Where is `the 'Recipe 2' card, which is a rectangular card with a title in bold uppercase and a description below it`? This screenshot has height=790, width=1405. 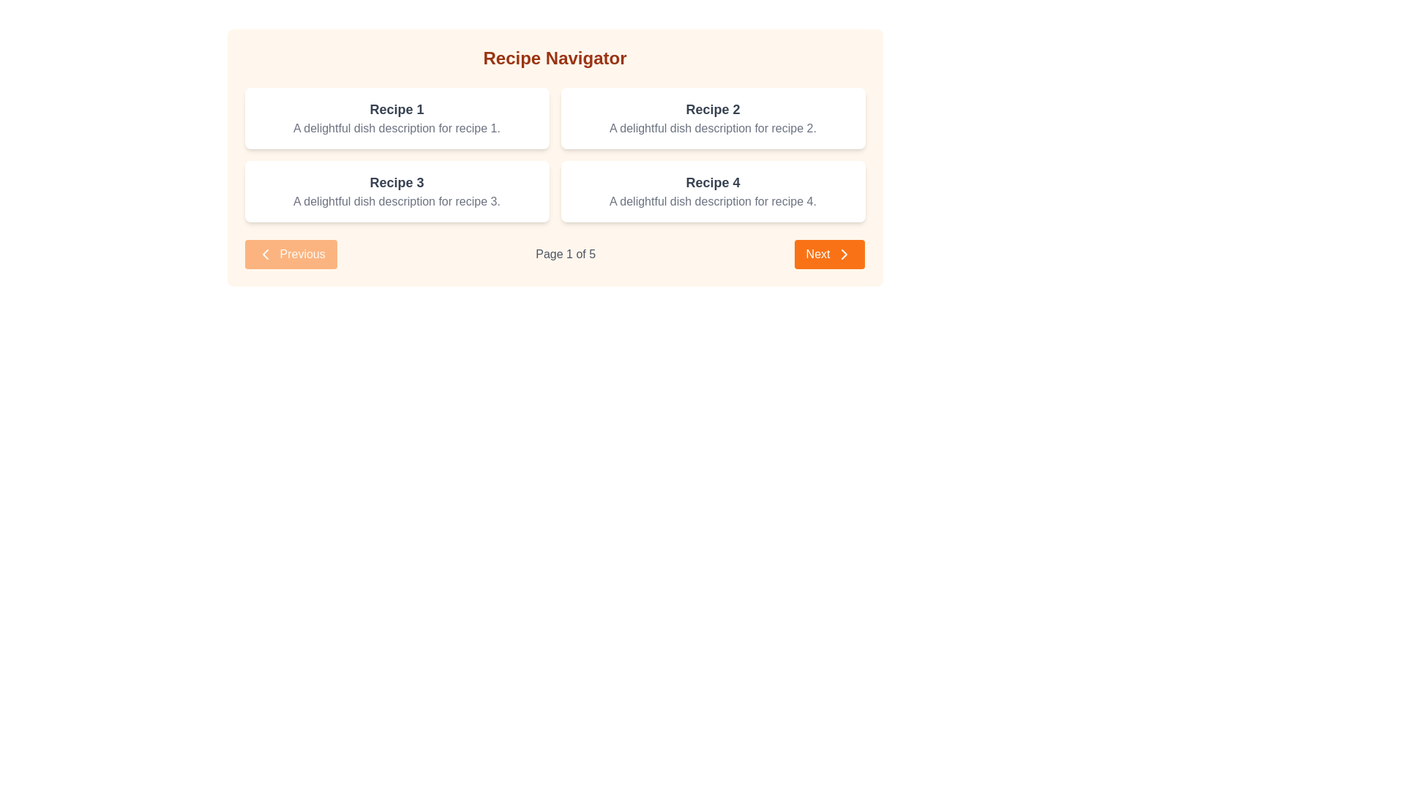 the 'Recipe 2' card, which is a rectangular card with a title in bold uppercase and a description below it is located at coordinates (713, 118).